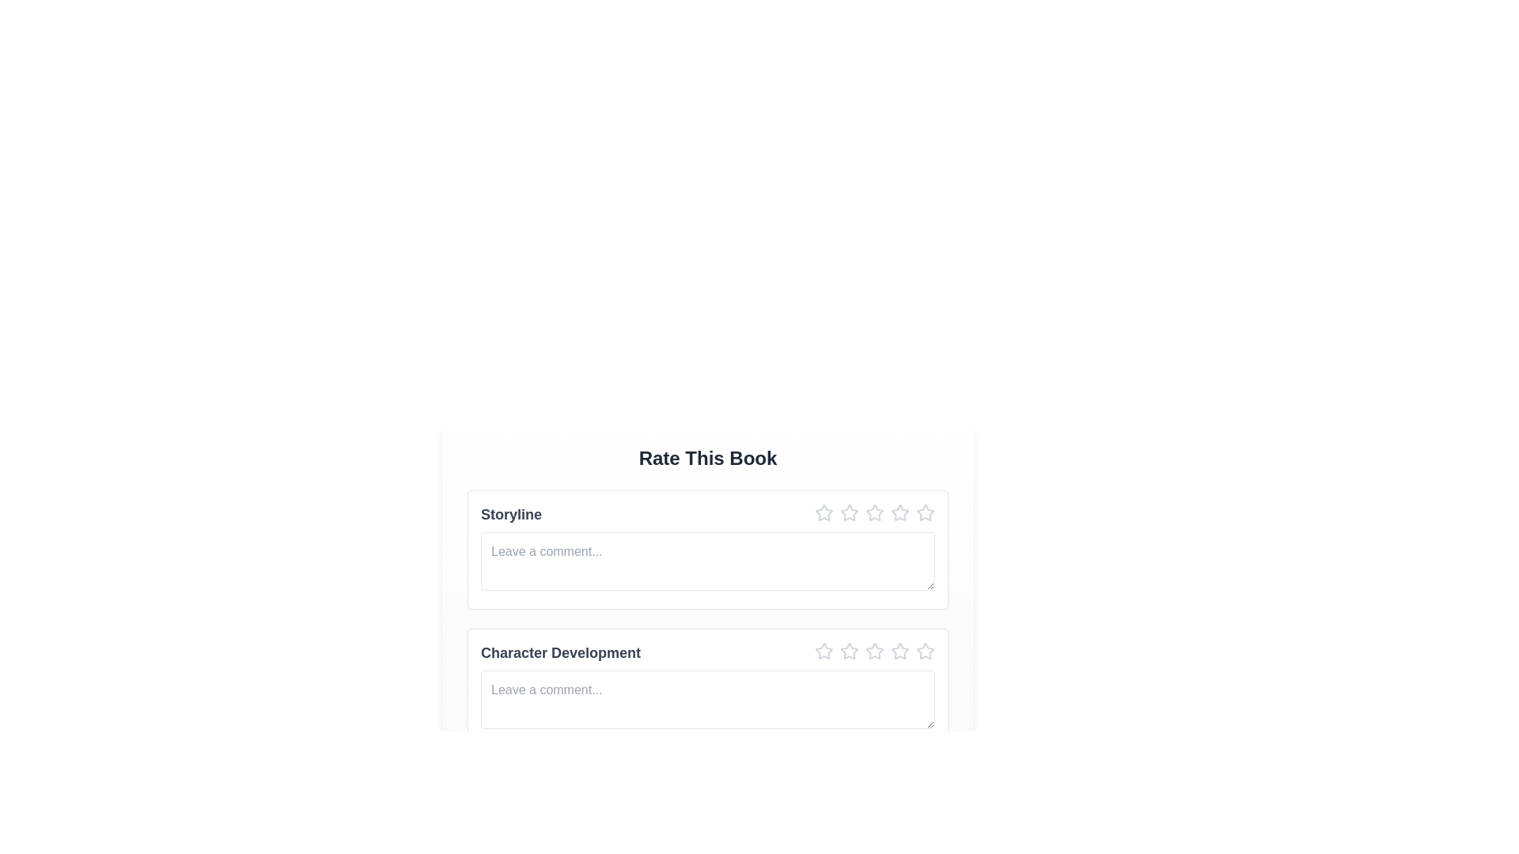 The height and width of the screenshot is (854, 1519). I want to click on the Text Label that serves as a title for the 'Rate This Book' section, positioned at the top-left corner above the comment input box and to the left of the star rating component, so click(511, 515).